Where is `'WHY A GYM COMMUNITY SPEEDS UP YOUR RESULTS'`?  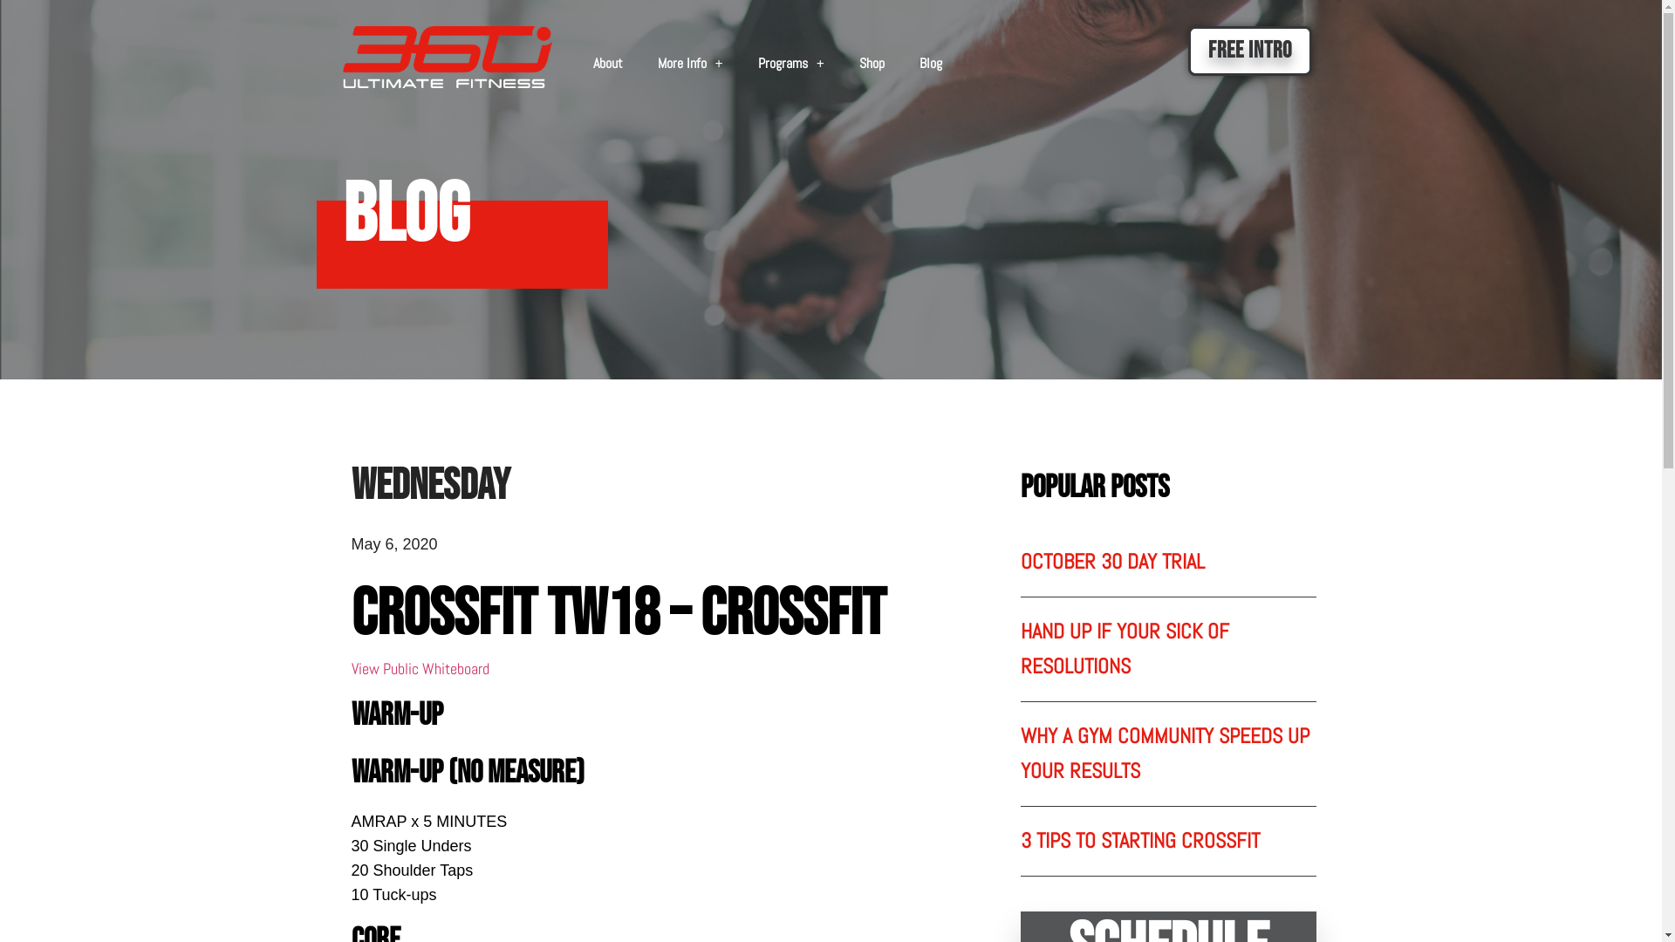
'WHY A GYM COMMUNITY SPEEDS UP YOUR RESULTS' is located at coordinates (1165, 752).